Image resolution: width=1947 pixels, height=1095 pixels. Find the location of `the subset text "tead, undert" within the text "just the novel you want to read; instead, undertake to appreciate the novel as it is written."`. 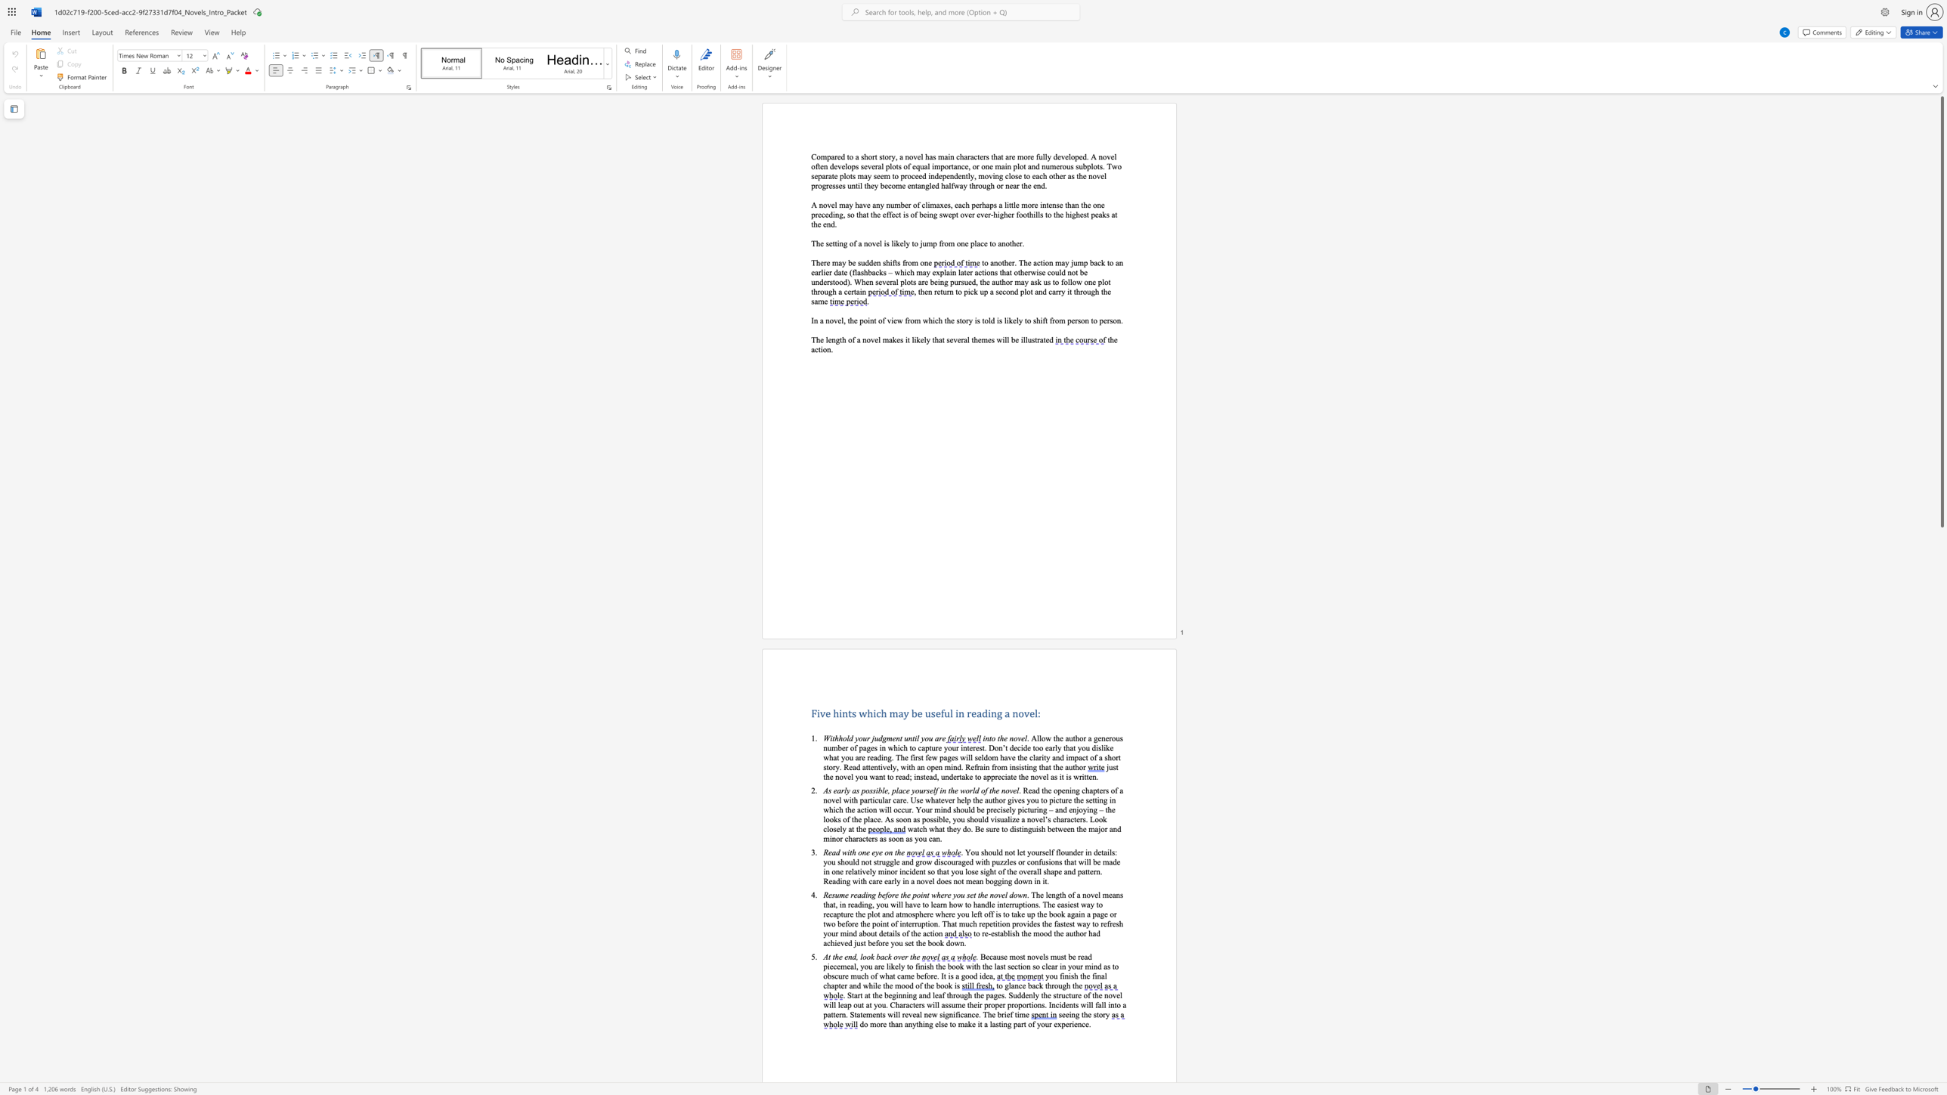

the subset text "tead, undert" within the text "just the novel you want to read; instead, undertake to appreciate the novel as it is written." is located at coordinates (924, 776).